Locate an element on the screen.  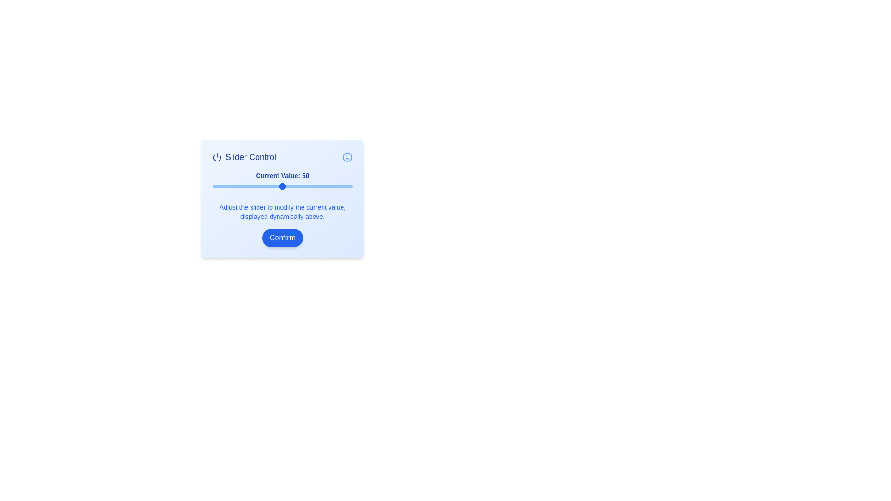
the slider value is located at coordinates (252, 186).